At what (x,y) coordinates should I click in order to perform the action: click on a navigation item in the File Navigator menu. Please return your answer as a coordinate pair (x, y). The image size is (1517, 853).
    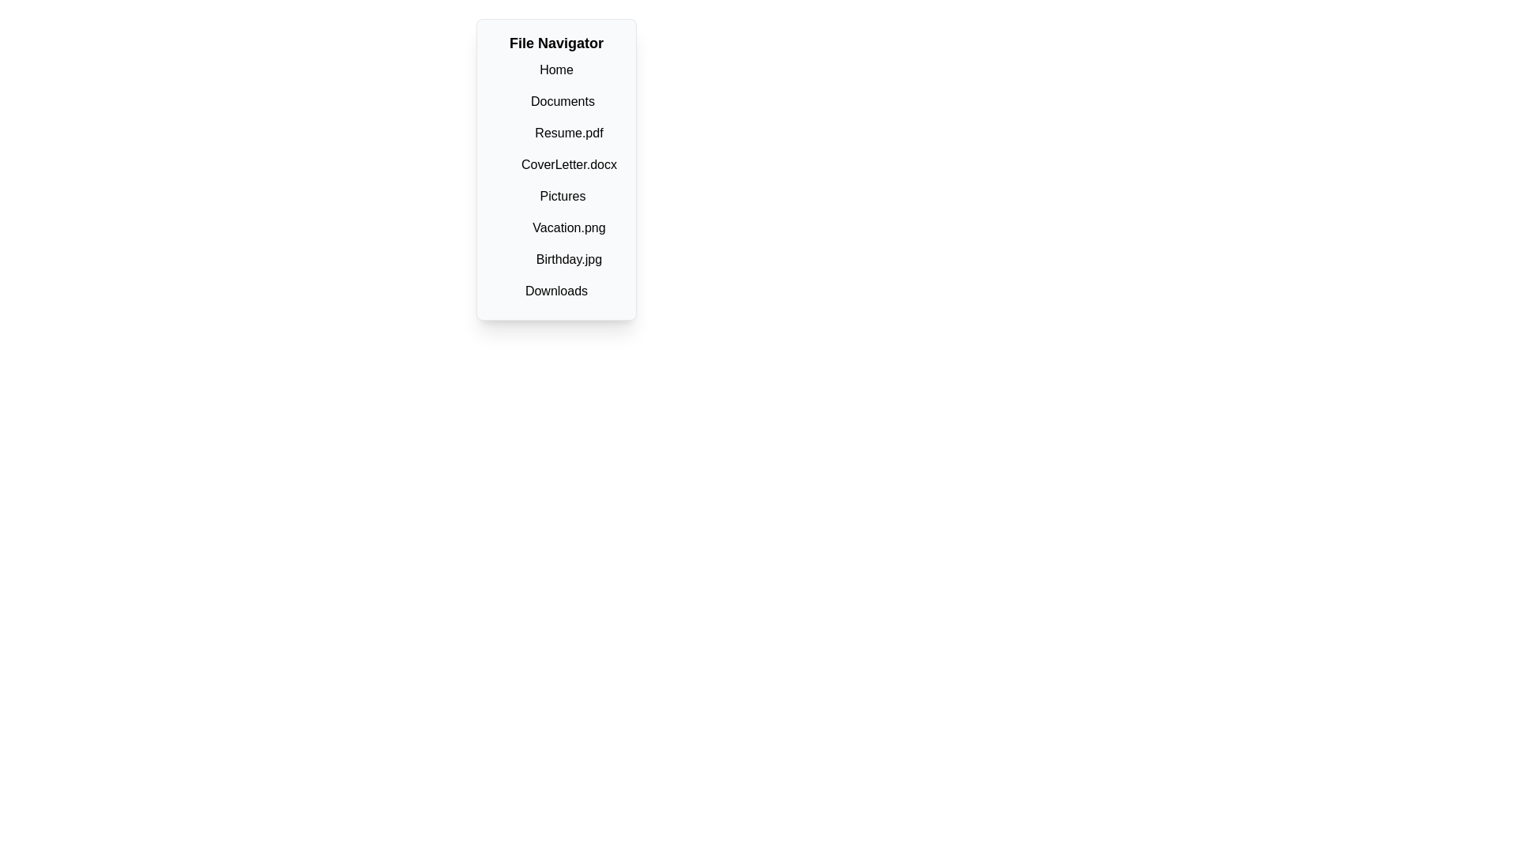
    Looking at the image, I should click on (556, 179).